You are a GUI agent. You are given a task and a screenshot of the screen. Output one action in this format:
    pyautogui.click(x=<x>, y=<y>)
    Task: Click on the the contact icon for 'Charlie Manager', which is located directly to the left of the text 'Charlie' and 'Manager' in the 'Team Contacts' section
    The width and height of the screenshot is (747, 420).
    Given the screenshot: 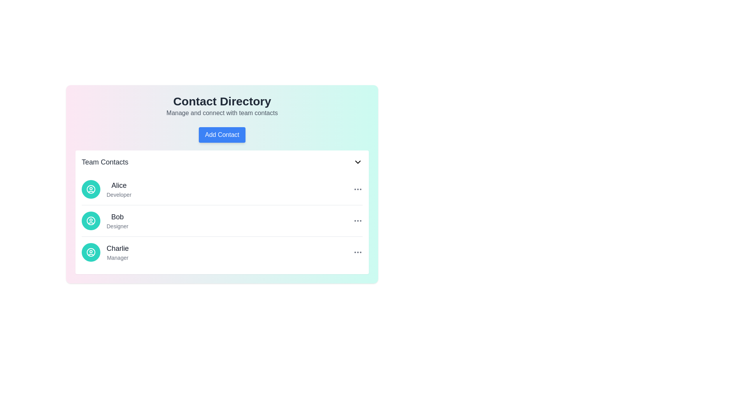 What is the action you would take?
    pyautogui.click(x=91, y=252)
    